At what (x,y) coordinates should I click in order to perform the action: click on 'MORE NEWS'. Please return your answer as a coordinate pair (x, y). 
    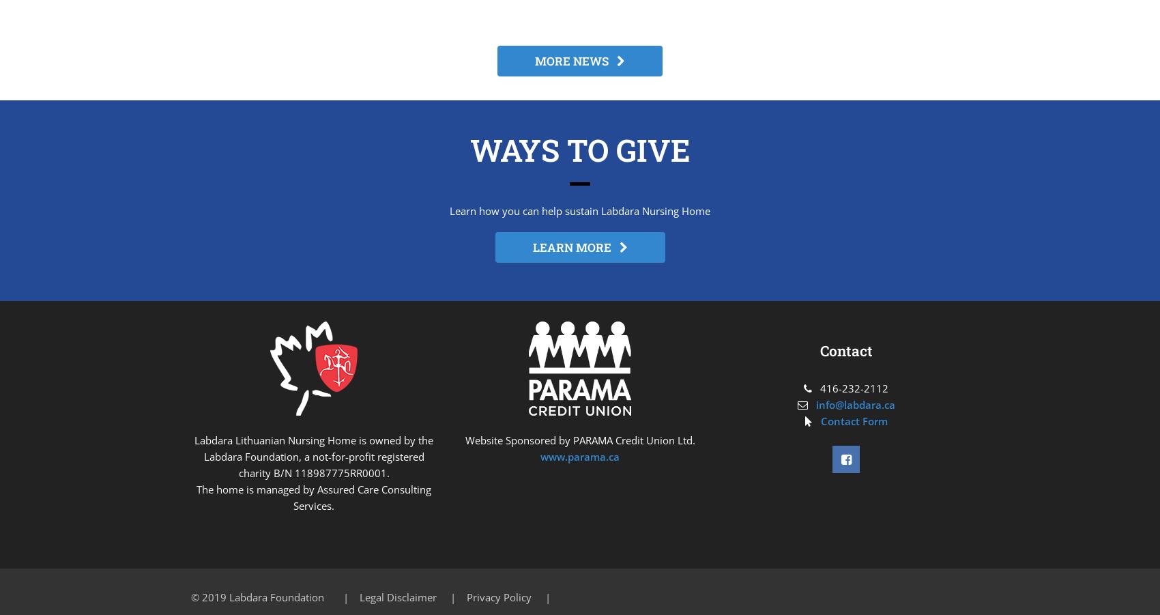
    Looking at the image, I should click on (575, 60).